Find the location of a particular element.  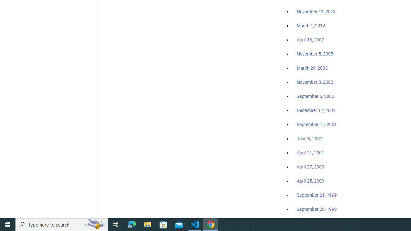

'June 6, 2001' is located at coordinates (309, 138).